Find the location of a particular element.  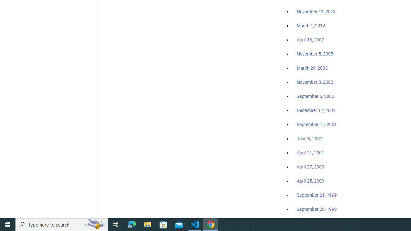

'June 6, 2001' is located at coordinates (309, 138).